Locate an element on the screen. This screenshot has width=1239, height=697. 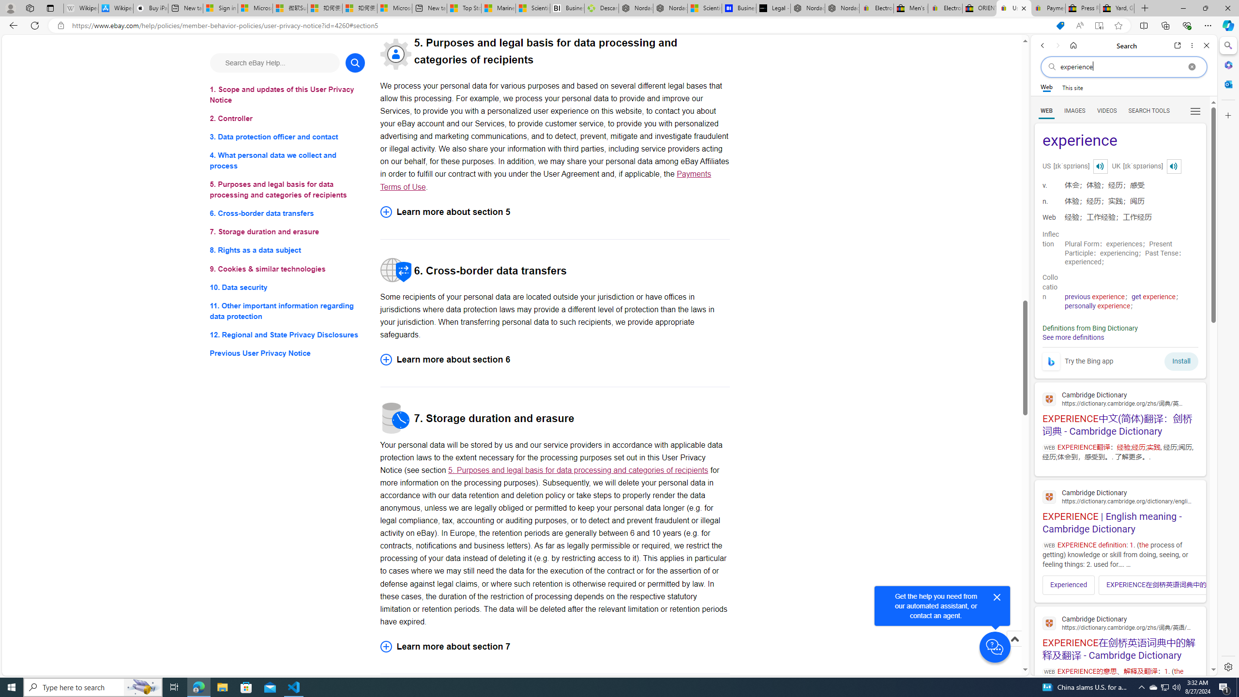
'get experience' is located at coordinates (1153, 296).